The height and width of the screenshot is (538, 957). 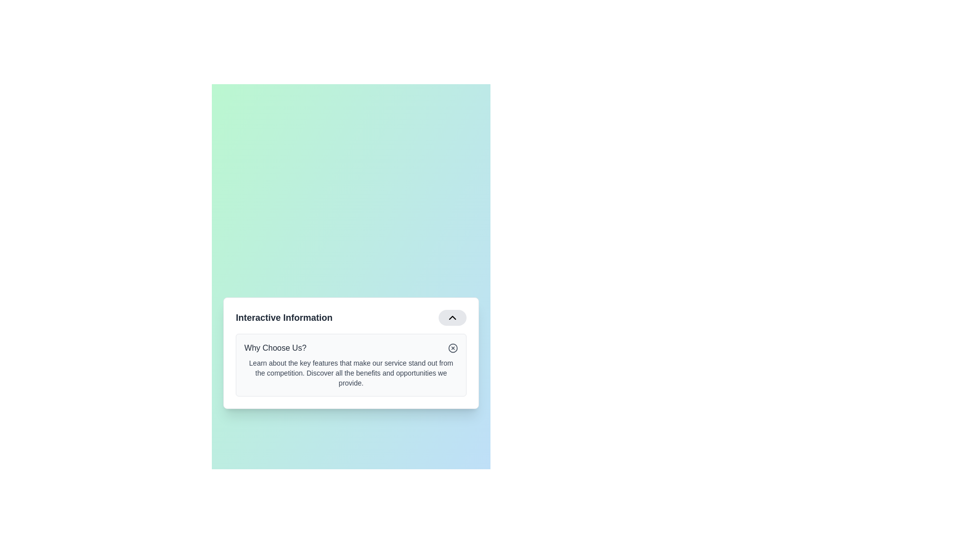 What do you see at coordinates (452, 317) in the screenshot?
I see `the chevron icon for dropdown or toggle located in the top-right region of the rounded rectangular button in the 'Interactive Information' section of the content card` at bounding box center [452, 317].